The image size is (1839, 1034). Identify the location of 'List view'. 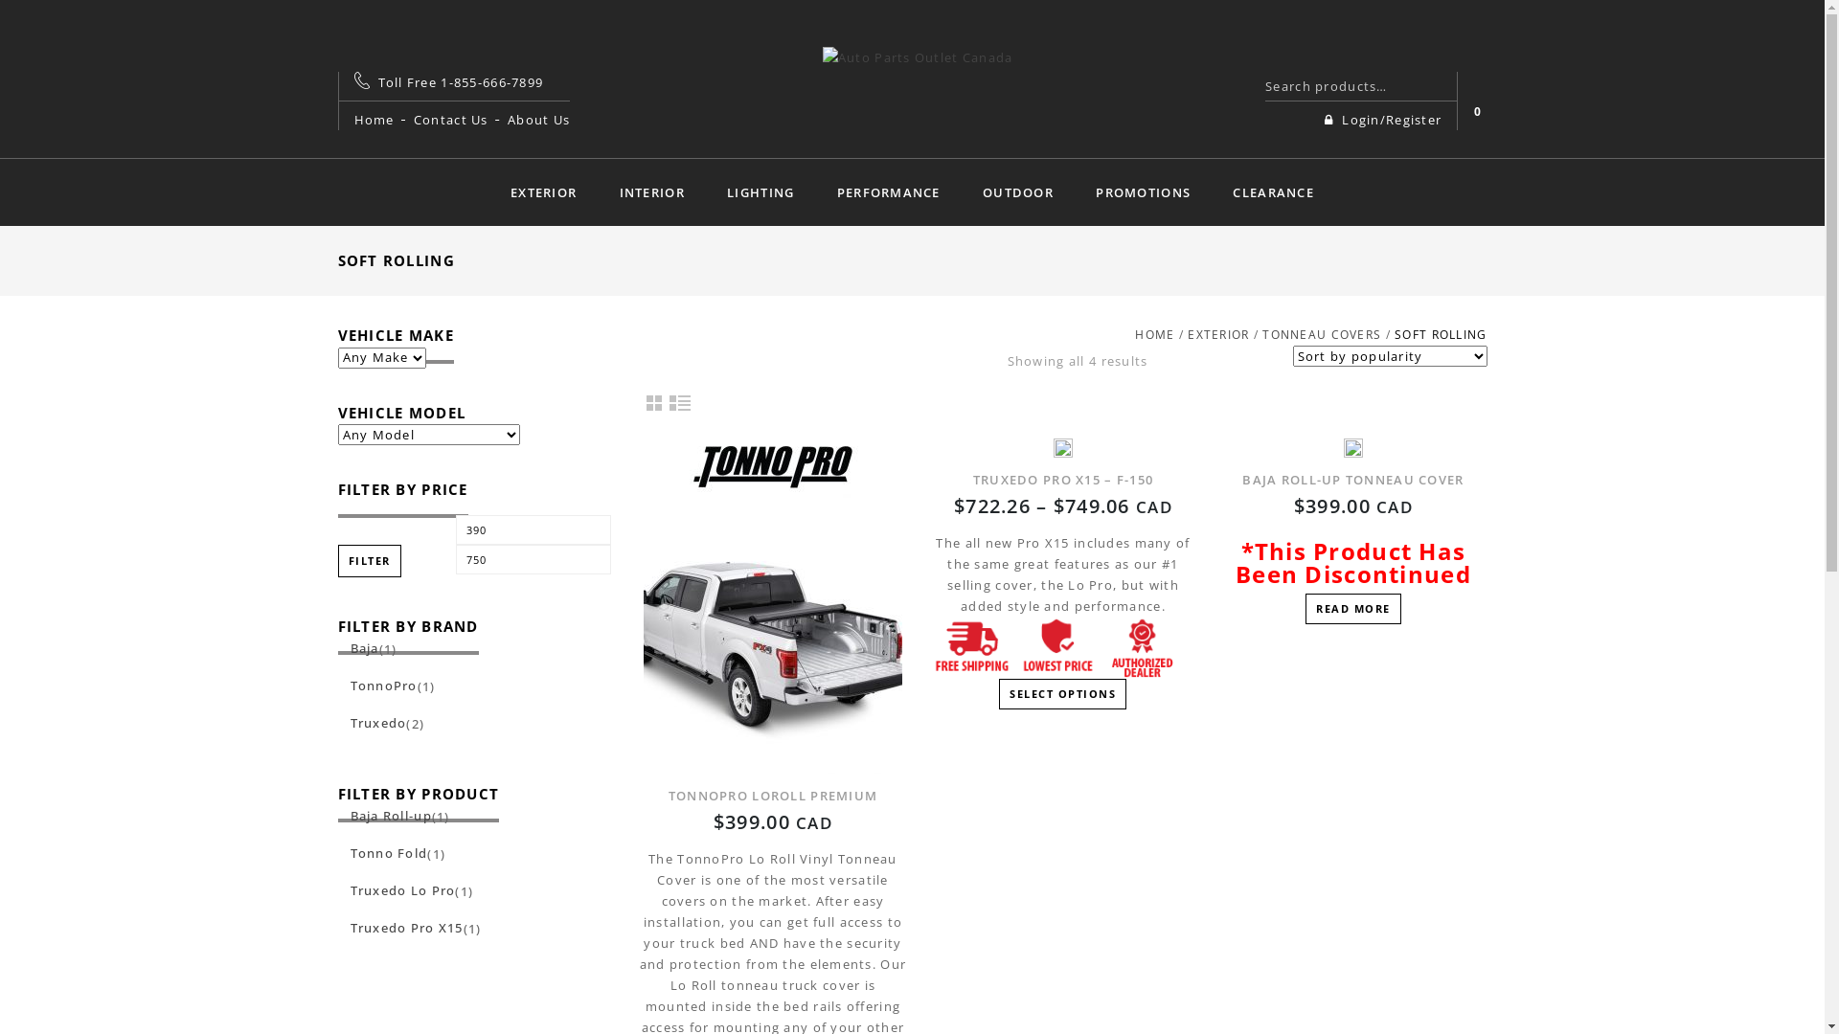
(680, 401).